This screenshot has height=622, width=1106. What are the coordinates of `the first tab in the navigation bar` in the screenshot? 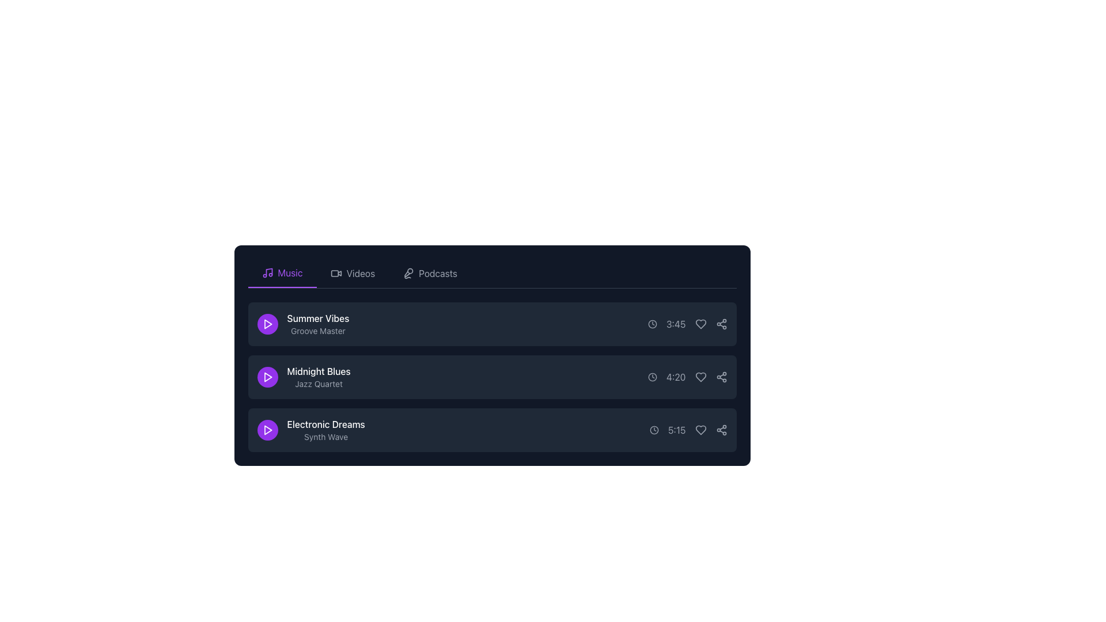 It's located at (282, 273).